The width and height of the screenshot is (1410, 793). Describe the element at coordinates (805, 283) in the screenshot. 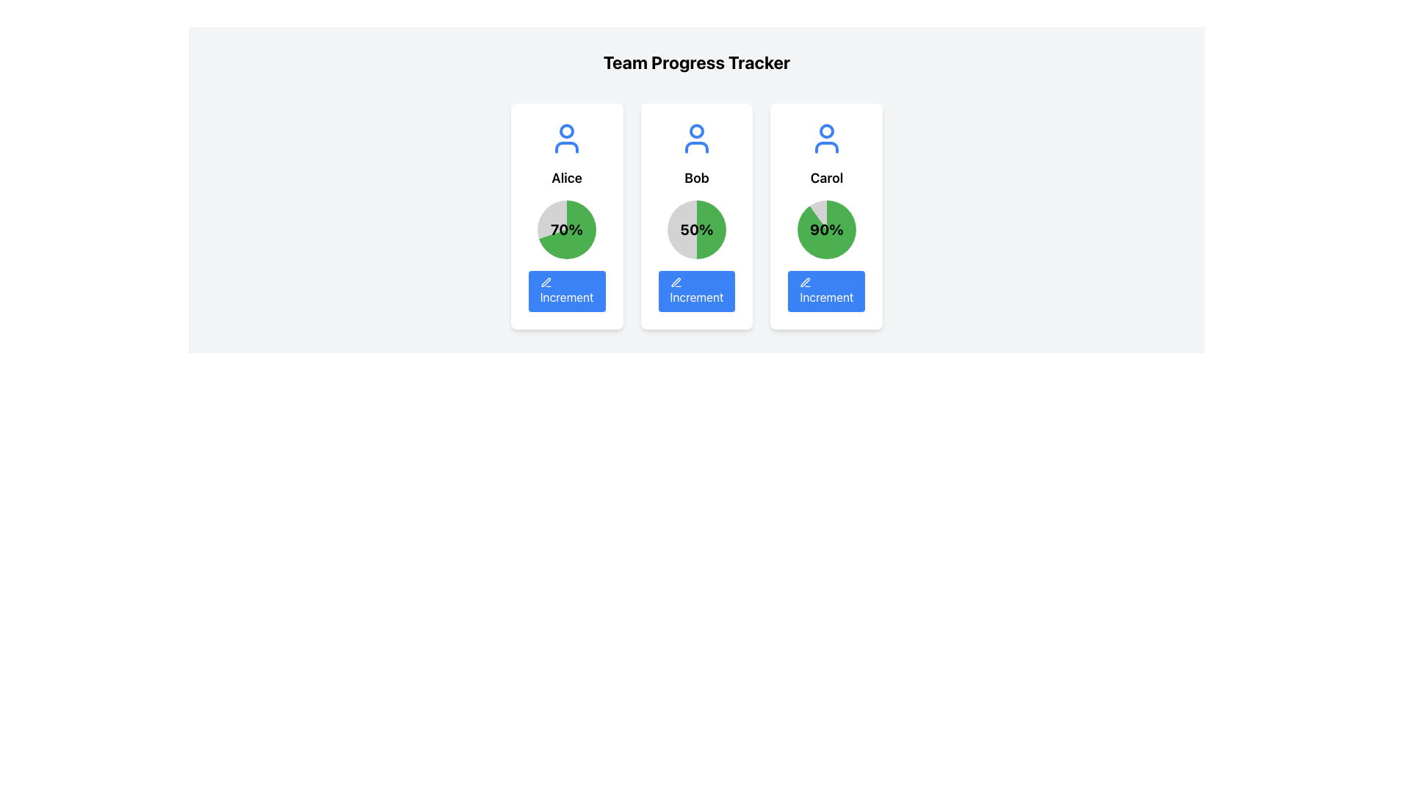

I see `the decorative icon enhancing the 'Increment' button associated with 'Bob', which is located towards the left side of the button` at that location.